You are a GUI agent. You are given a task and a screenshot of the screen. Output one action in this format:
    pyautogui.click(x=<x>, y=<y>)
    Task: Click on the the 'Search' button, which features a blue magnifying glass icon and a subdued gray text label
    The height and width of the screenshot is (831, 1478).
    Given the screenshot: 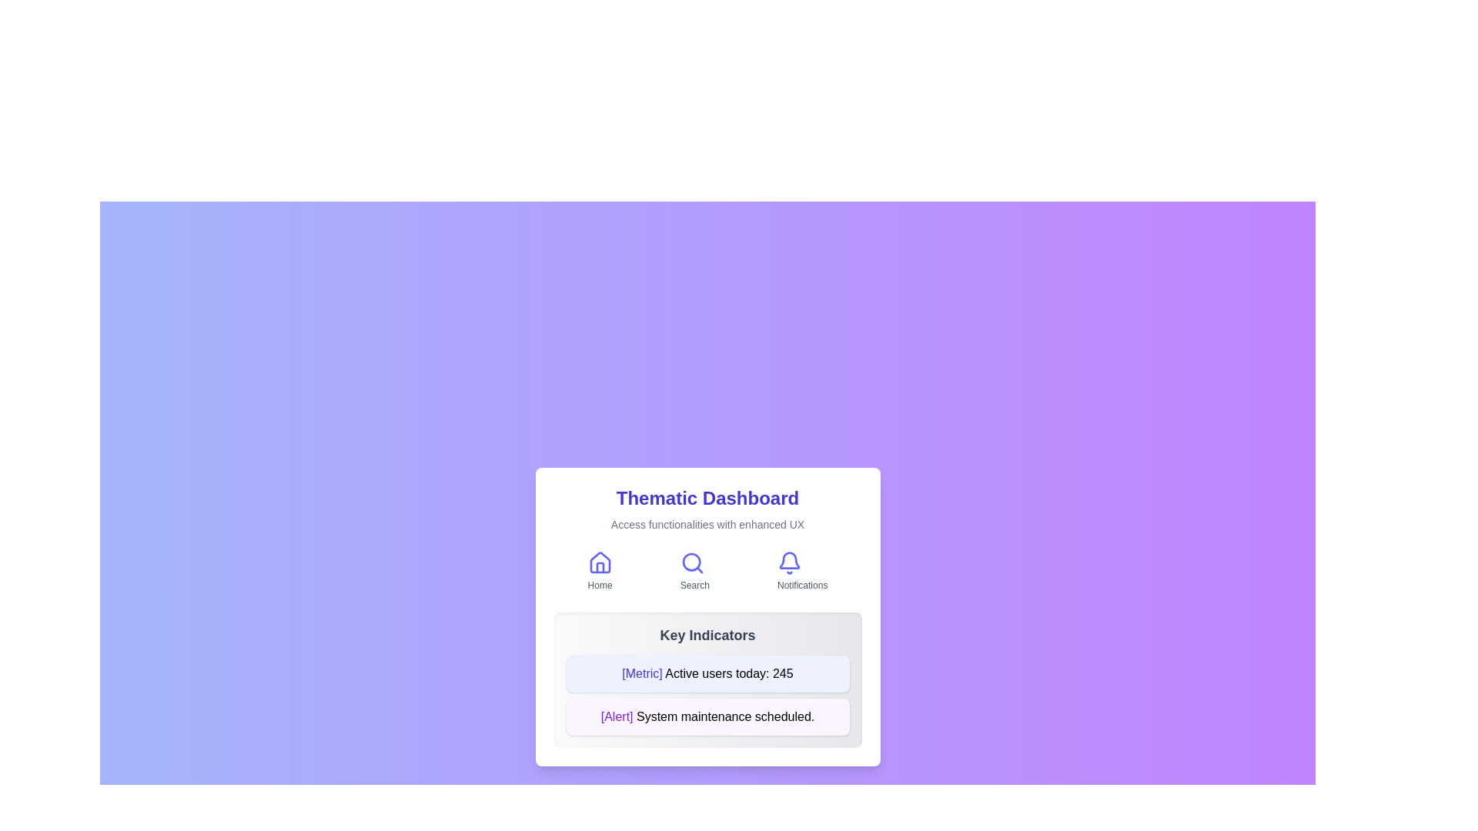 What is the action you would take?
    pyautogui.click(x=694, y=572)
    